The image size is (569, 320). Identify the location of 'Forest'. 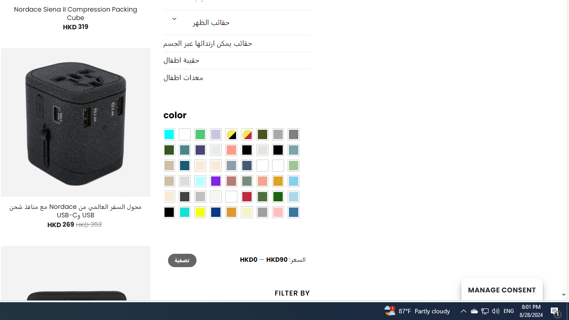
(169, 150).